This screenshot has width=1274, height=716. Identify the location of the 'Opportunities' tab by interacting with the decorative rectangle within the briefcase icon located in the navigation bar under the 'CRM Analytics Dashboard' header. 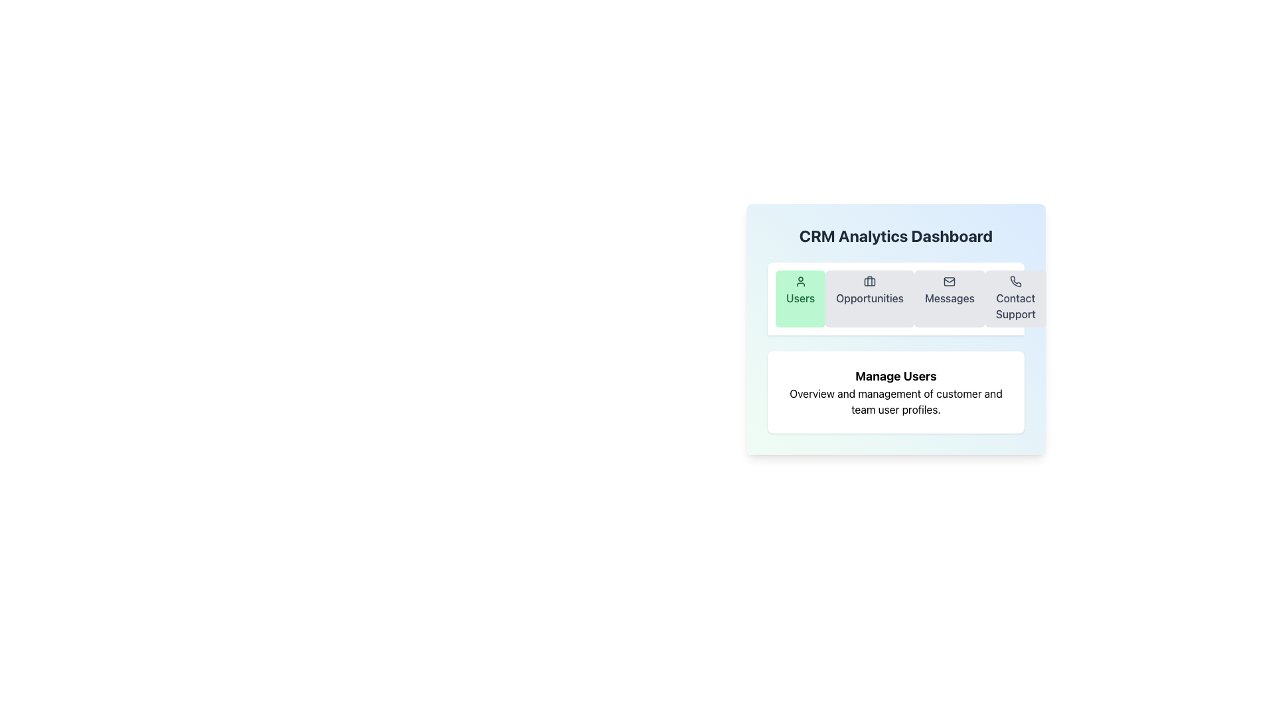
(869, 281).